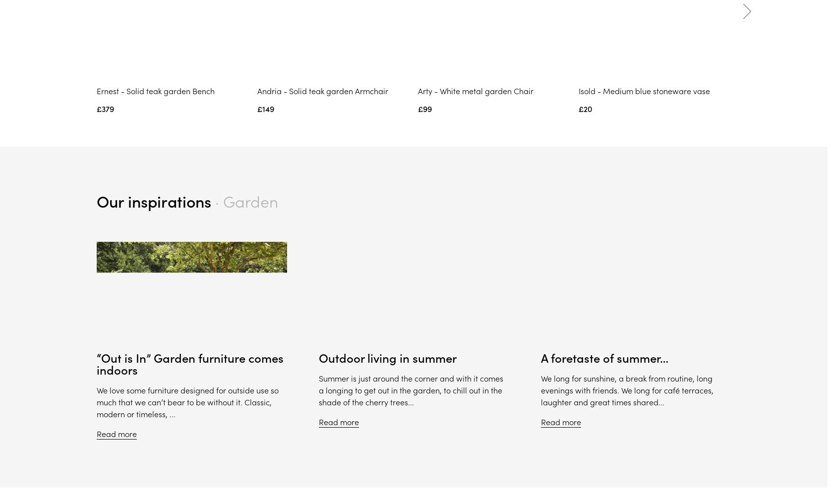  What do you see at coordinates (475, 91) in the screenshot?
I see `'Arty - White metal garden Chair'` at bounding box center [475, 91].